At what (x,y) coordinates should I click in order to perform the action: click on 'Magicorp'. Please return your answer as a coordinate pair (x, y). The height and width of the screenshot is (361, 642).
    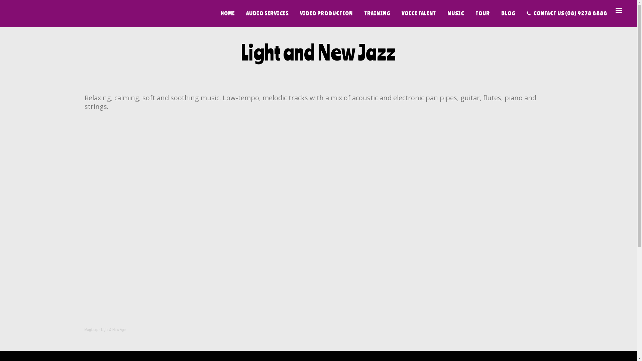
    Looking at the image, I should click on (84, 329).